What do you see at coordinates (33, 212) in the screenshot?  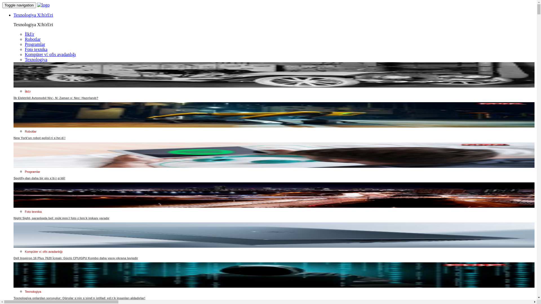 I see `'Foto texnika'` at bounding box center [33, 212].